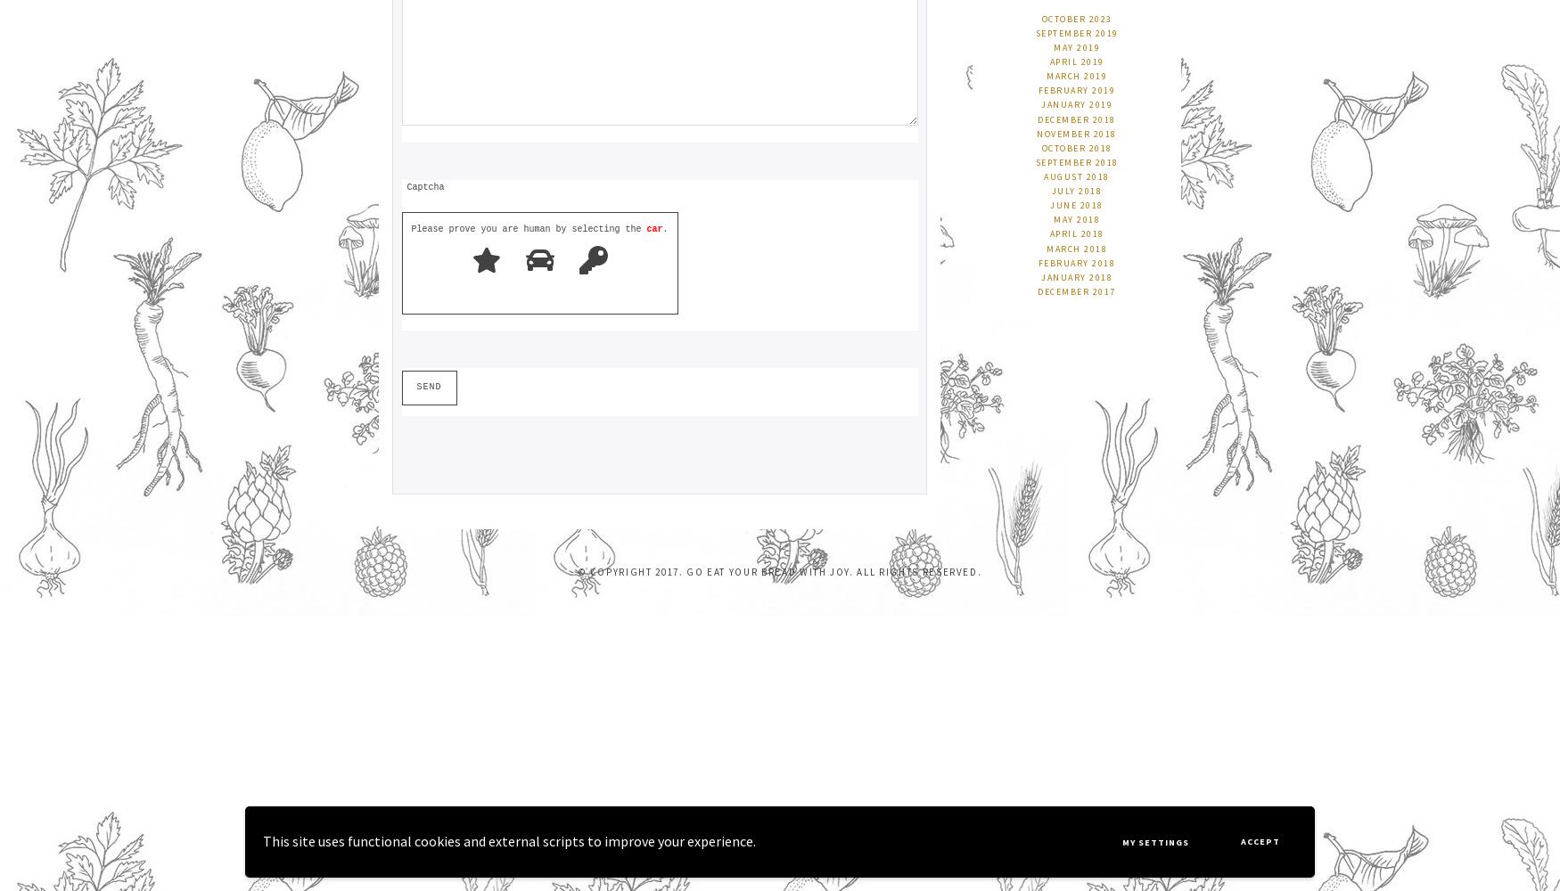  What do you see at coordinates (1077, 218) in the screenshot?
I see `'May 2018'` at bounding box center [1077, 218].